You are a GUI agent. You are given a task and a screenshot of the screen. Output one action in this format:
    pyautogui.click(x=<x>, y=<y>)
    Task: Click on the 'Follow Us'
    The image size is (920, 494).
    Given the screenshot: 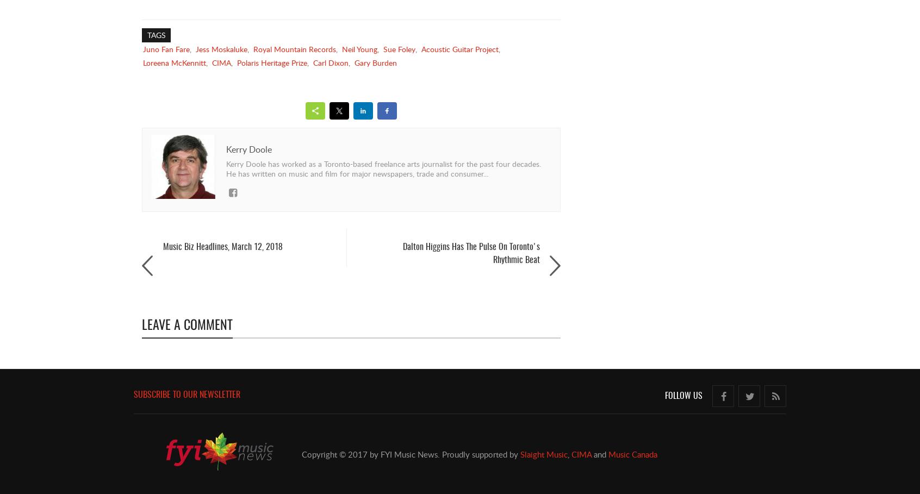 What is the action you would take?
    pyautogui.click(x=683, y=395)
    